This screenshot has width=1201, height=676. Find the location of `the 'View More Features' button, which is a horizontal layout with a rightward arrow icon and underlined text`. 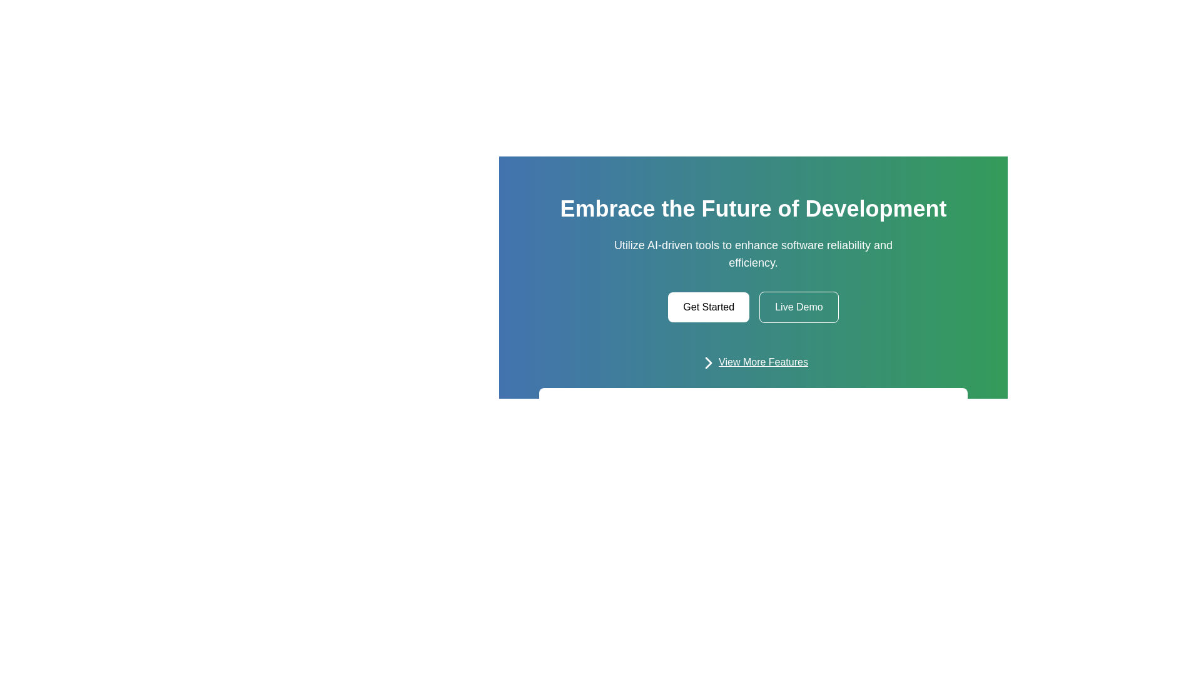

the 'View More Features' button, which is a horizontal layout with a rightward arrow icon and underlined text is located at coordinates (753, 362).